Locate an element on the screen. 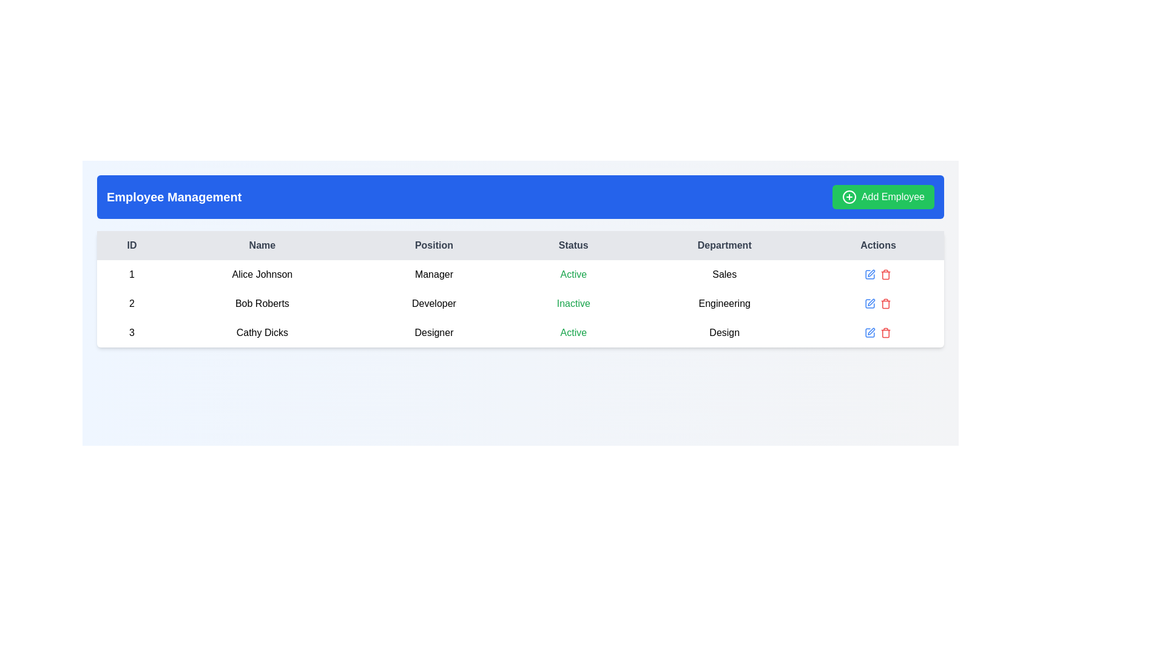 This screenshot has height=655, width=1165. the name label in the first row under the 'Name' header of the table, which represents an individual in the management system is located at coordinates (262, 274).